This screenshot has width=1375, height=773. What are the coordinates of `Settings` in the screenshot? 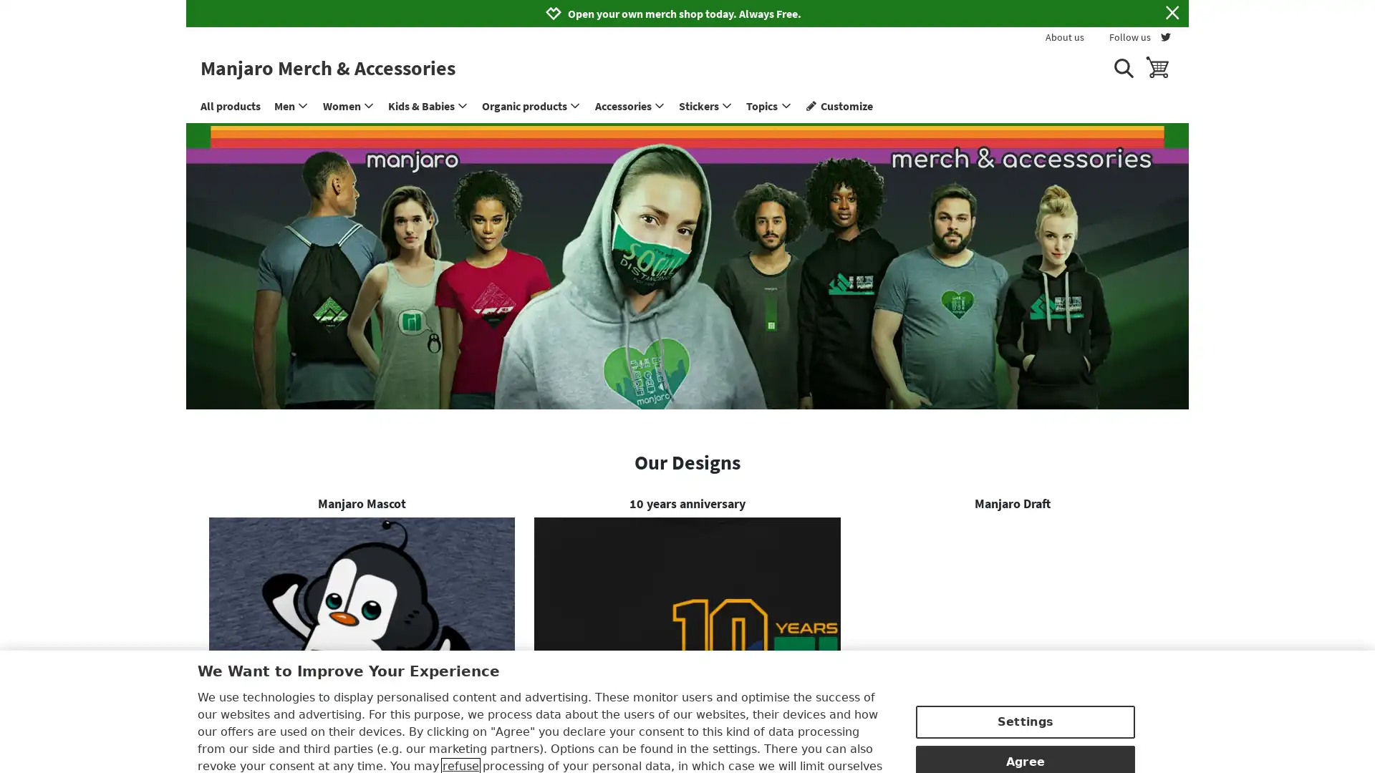 It's located at (1024, 651).